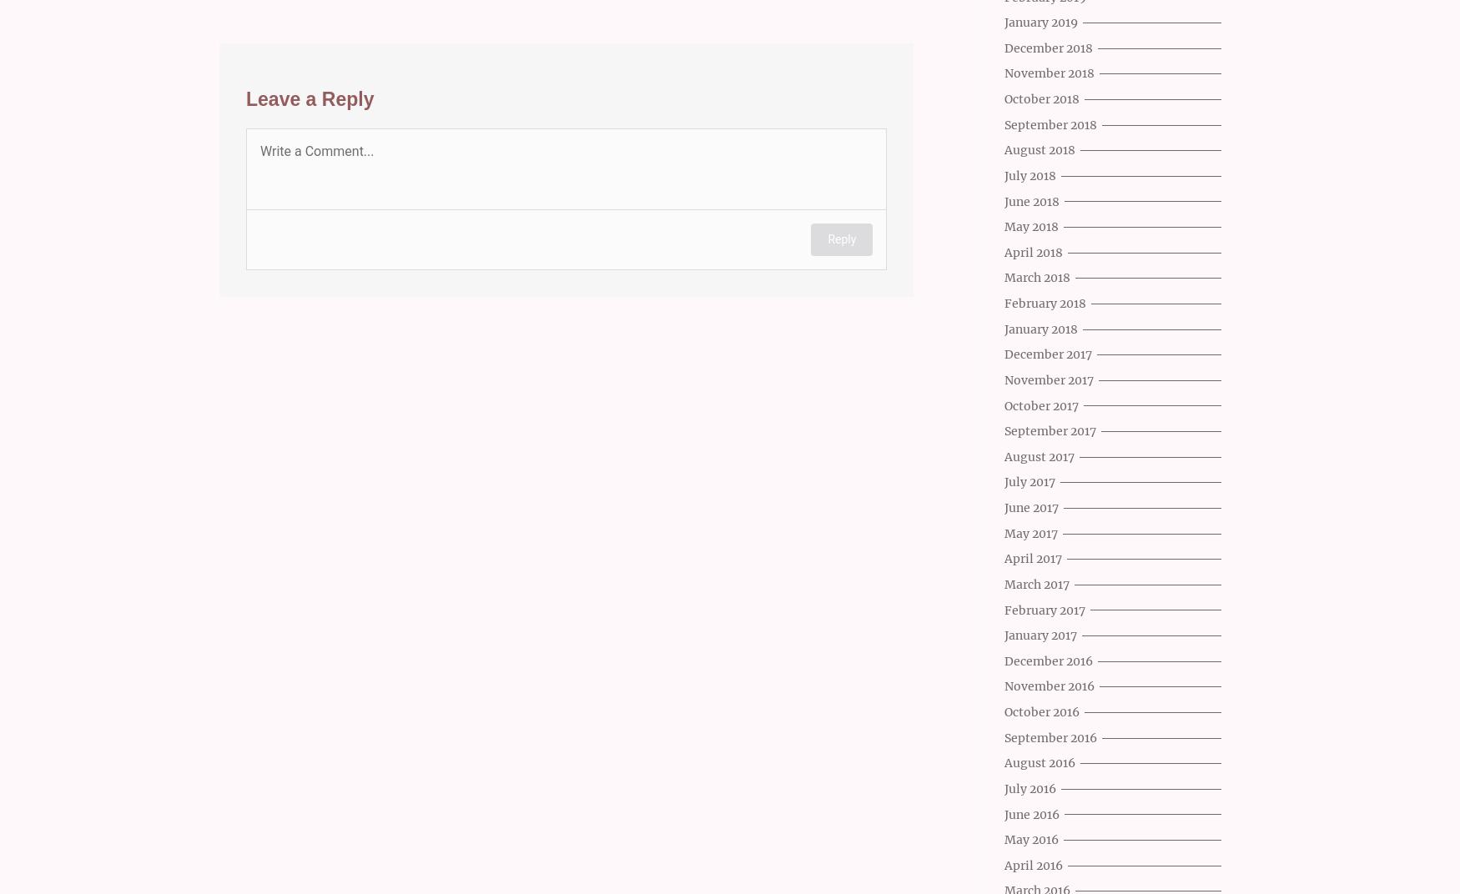 This screenshot has width=1460, height=894. What do you see at coordinates (1004, 533) in the screenshot?
I see `'May 2017'` at bounding box center [1004, 533].